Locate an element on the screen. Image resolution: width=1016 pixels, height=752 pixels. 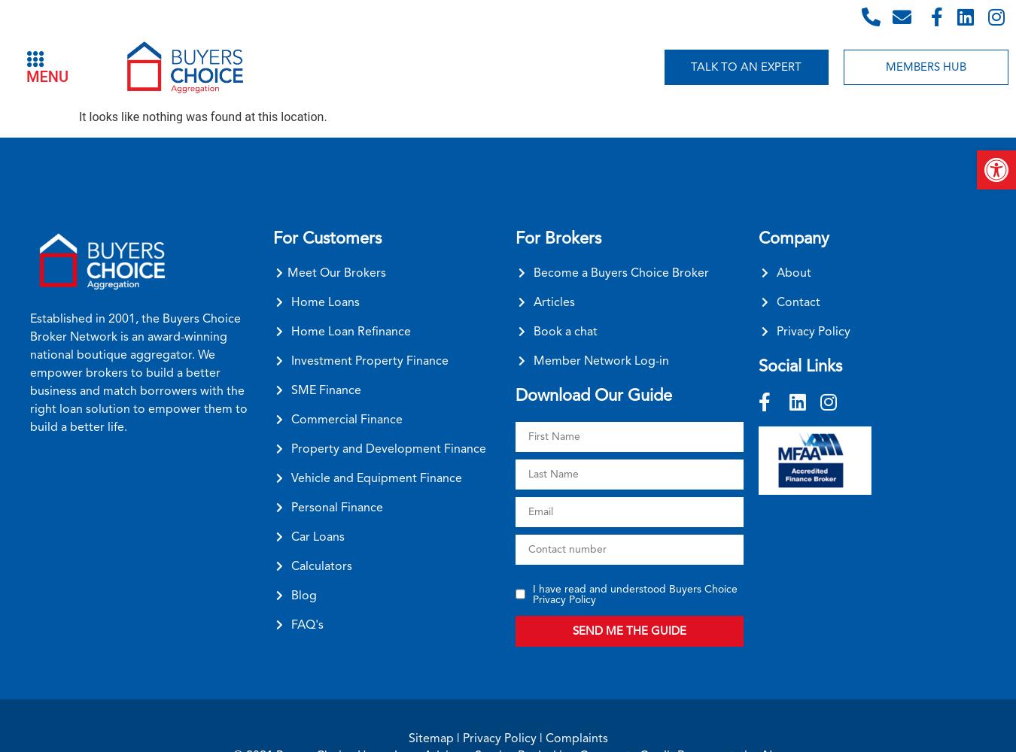
'Become a Buyers Choice Broker' is located at coordinates (621, 271).